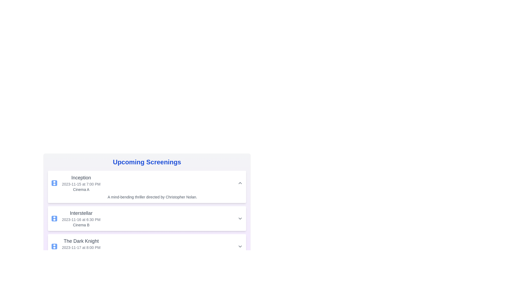 This screenshot has height=290, width=517. Describe the element at coordinates (81, 184) in the screenshot. I see `date and time information displayed in the text label below the title 'Inception' and above 'Cinema A' in the 'Upcoming Screenings' section` at that location.